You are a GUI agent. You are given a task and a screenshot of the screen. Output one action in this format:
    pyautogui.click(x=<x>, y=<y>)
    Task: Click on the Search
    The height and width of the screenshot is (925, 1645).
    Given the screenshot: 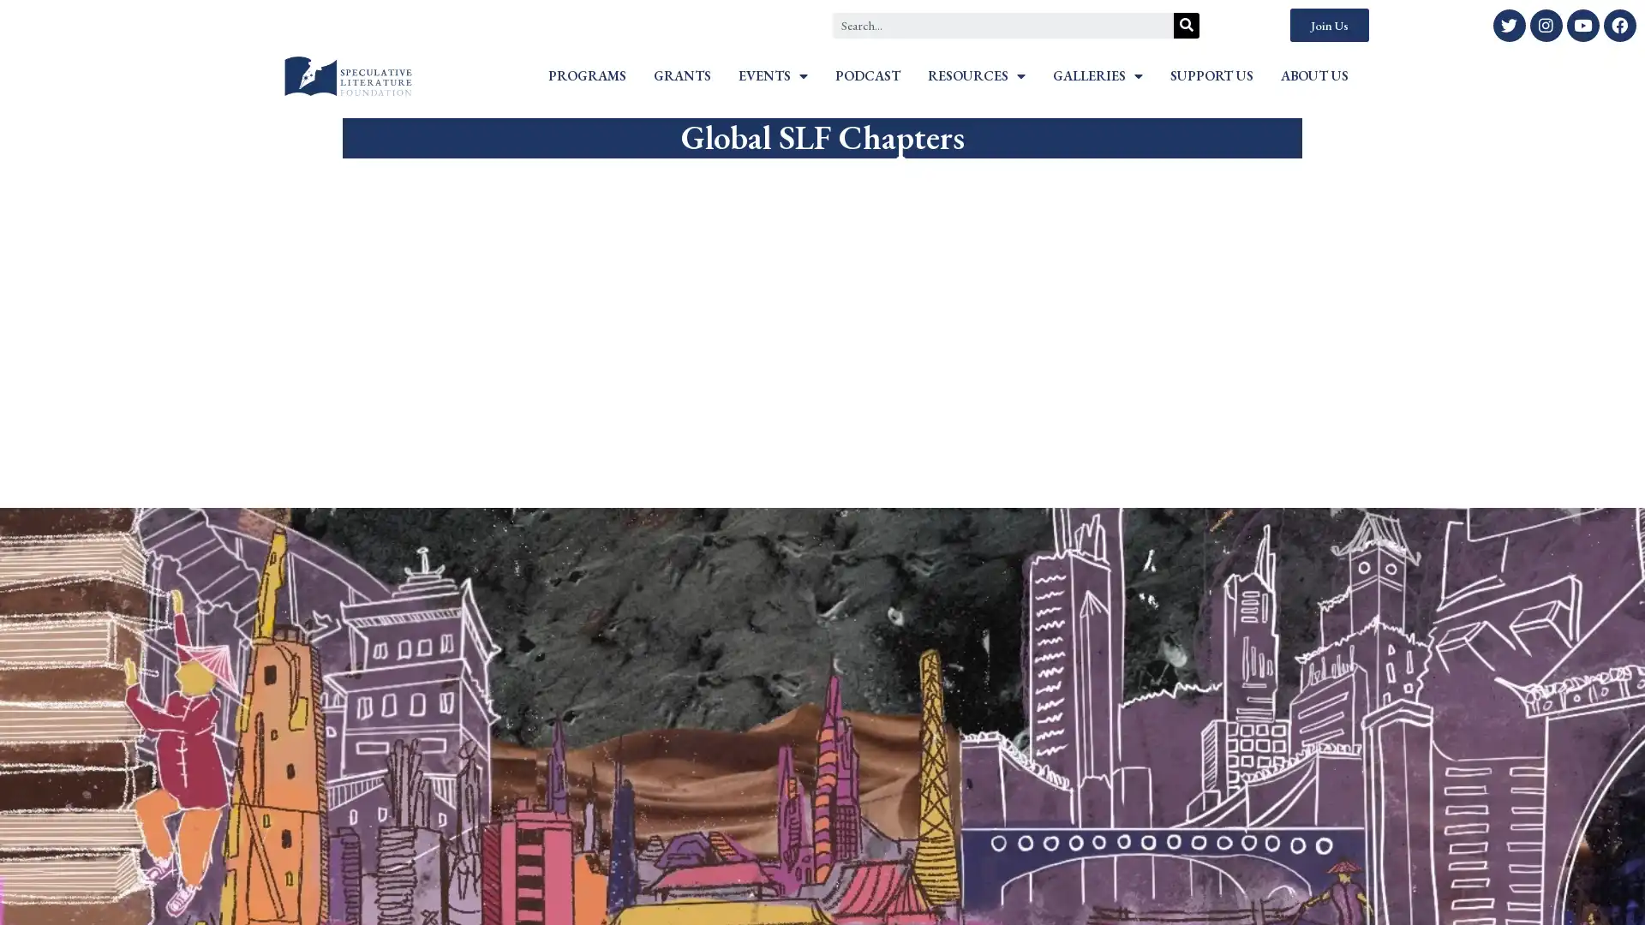 What is the action you would take?
    pyautogui.click(x=1186, y=25)
    